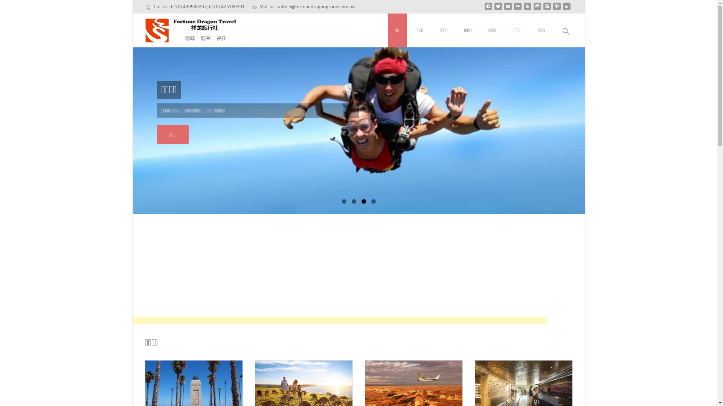  I want to click on 'pinterest', so click(557, 9).